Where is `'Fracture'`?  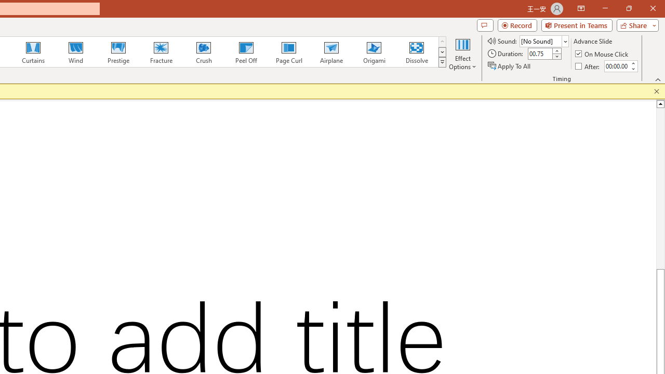
'Fracture' is located at coordinates (160, 52).